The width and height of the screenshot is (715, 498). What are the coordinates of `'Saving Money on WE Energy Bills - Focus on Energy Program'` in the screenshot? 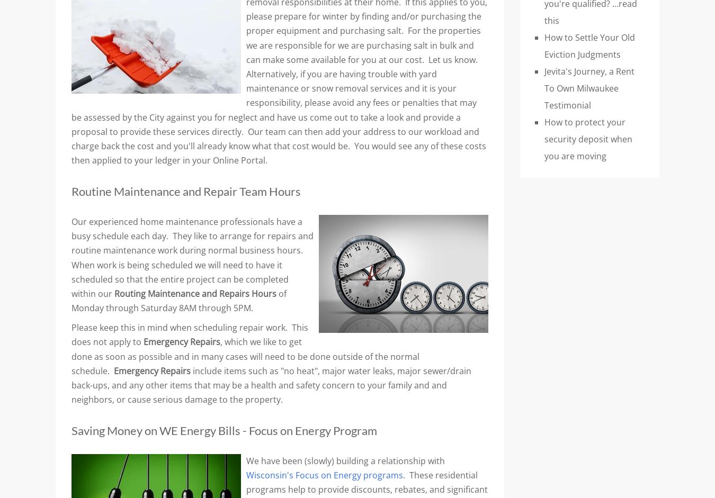 It's located at (224, 430).